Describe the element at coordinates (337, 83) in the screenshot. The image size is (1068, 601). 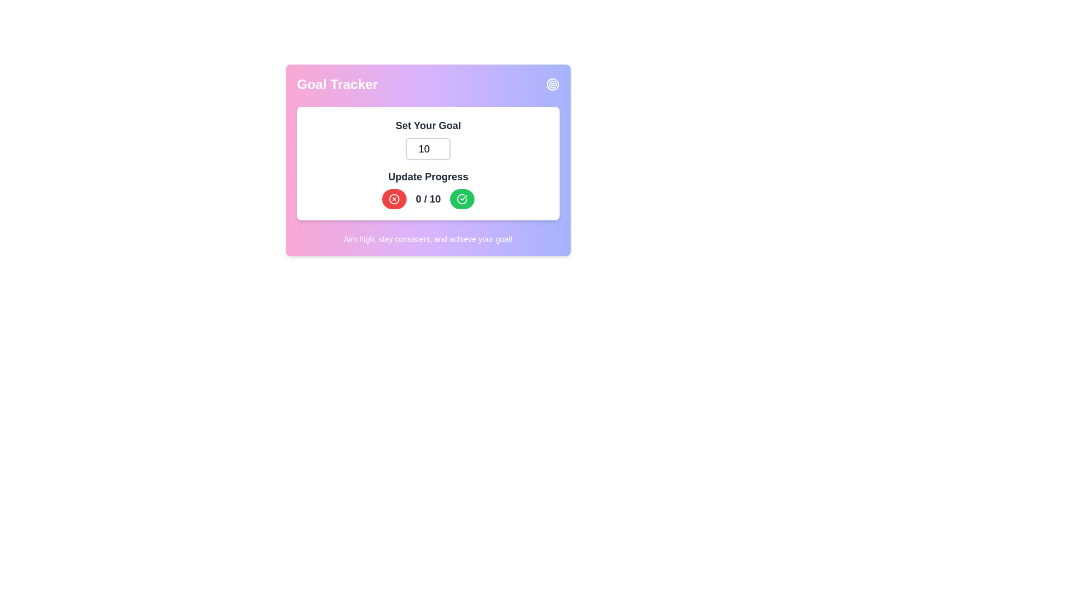
I see `the 'Goal Tracker' text label, which is prominently styled in a bold and large font with a white color, located at the upper-left corner of the panel` at that location.